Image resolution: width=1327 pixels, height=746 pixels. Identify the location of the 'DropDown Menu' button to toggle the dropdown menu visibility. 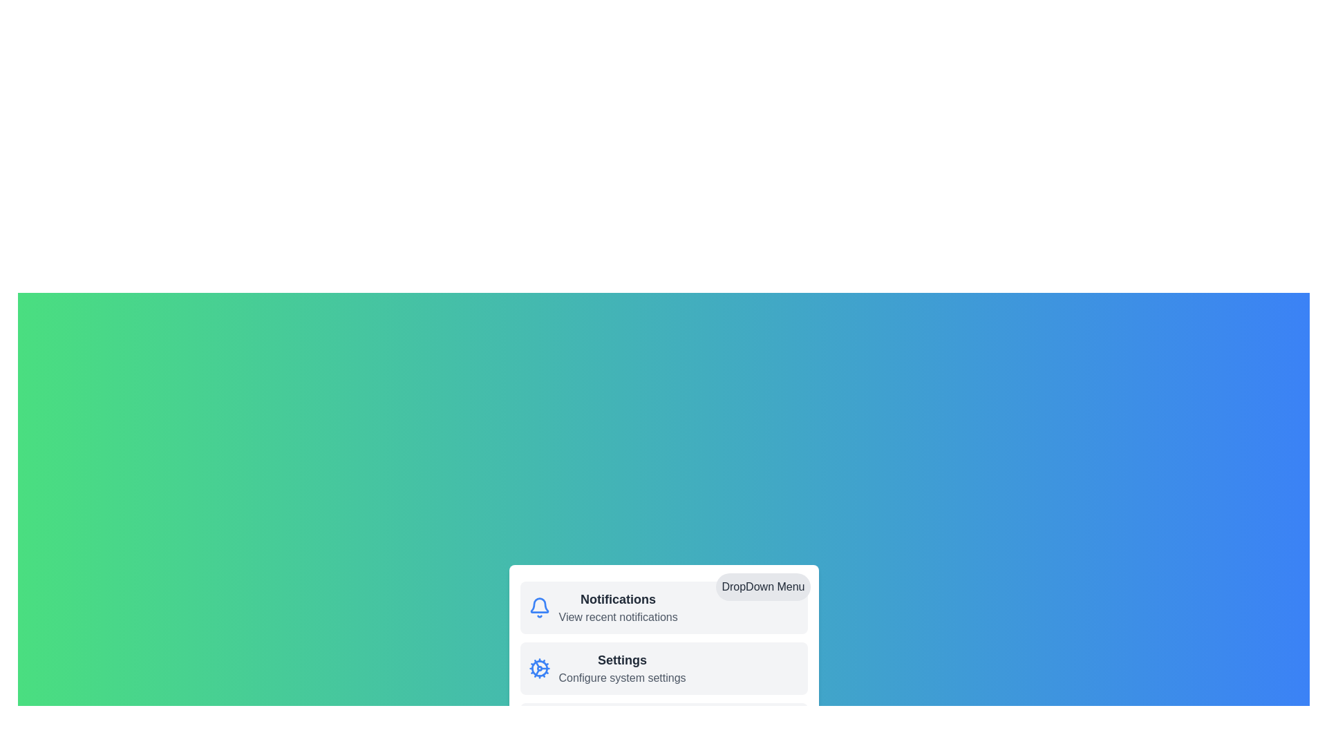
(762, 586).